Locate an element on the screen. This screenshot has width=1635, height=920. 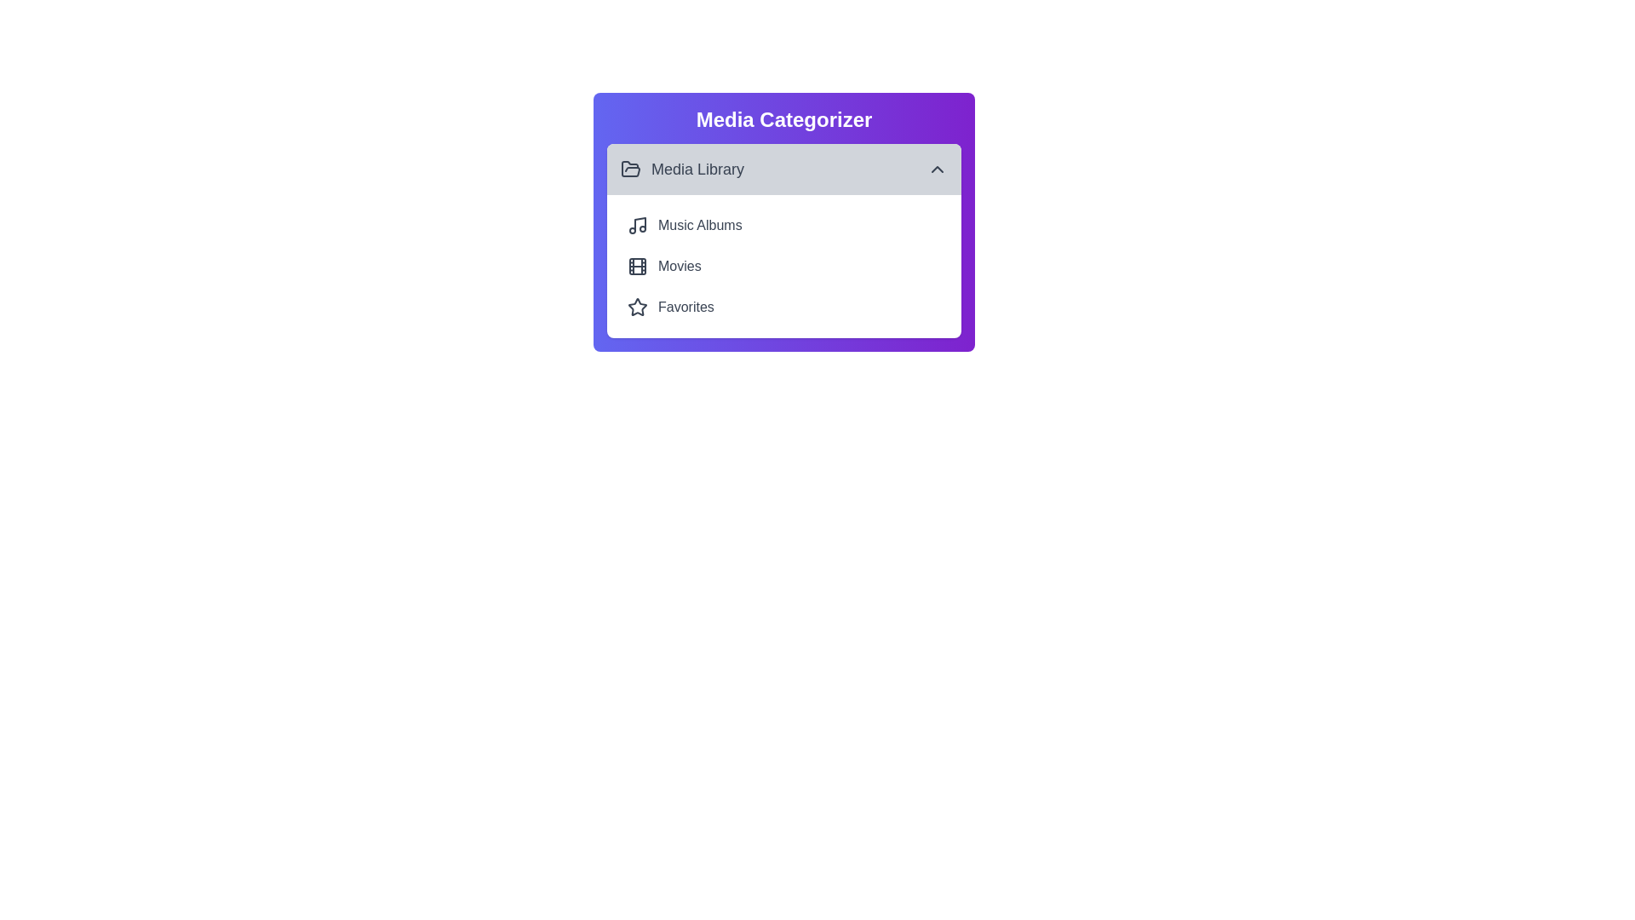
the item Music Albums from the list is located at coordinates (783, 225).